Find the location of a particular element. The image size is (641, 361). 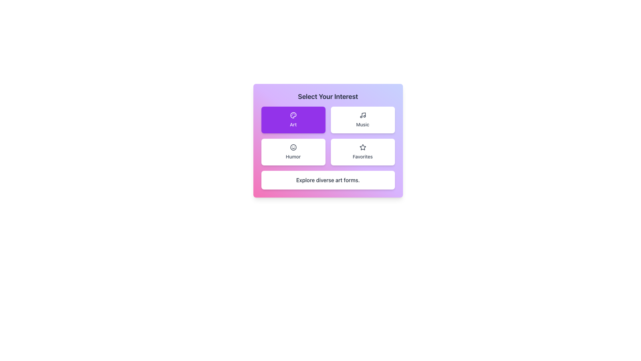

the text label indicating the category 'Music' located at the lower portion of the interactive card in the top-right quadrant of the grid layout is located at coordinates (362, 125).